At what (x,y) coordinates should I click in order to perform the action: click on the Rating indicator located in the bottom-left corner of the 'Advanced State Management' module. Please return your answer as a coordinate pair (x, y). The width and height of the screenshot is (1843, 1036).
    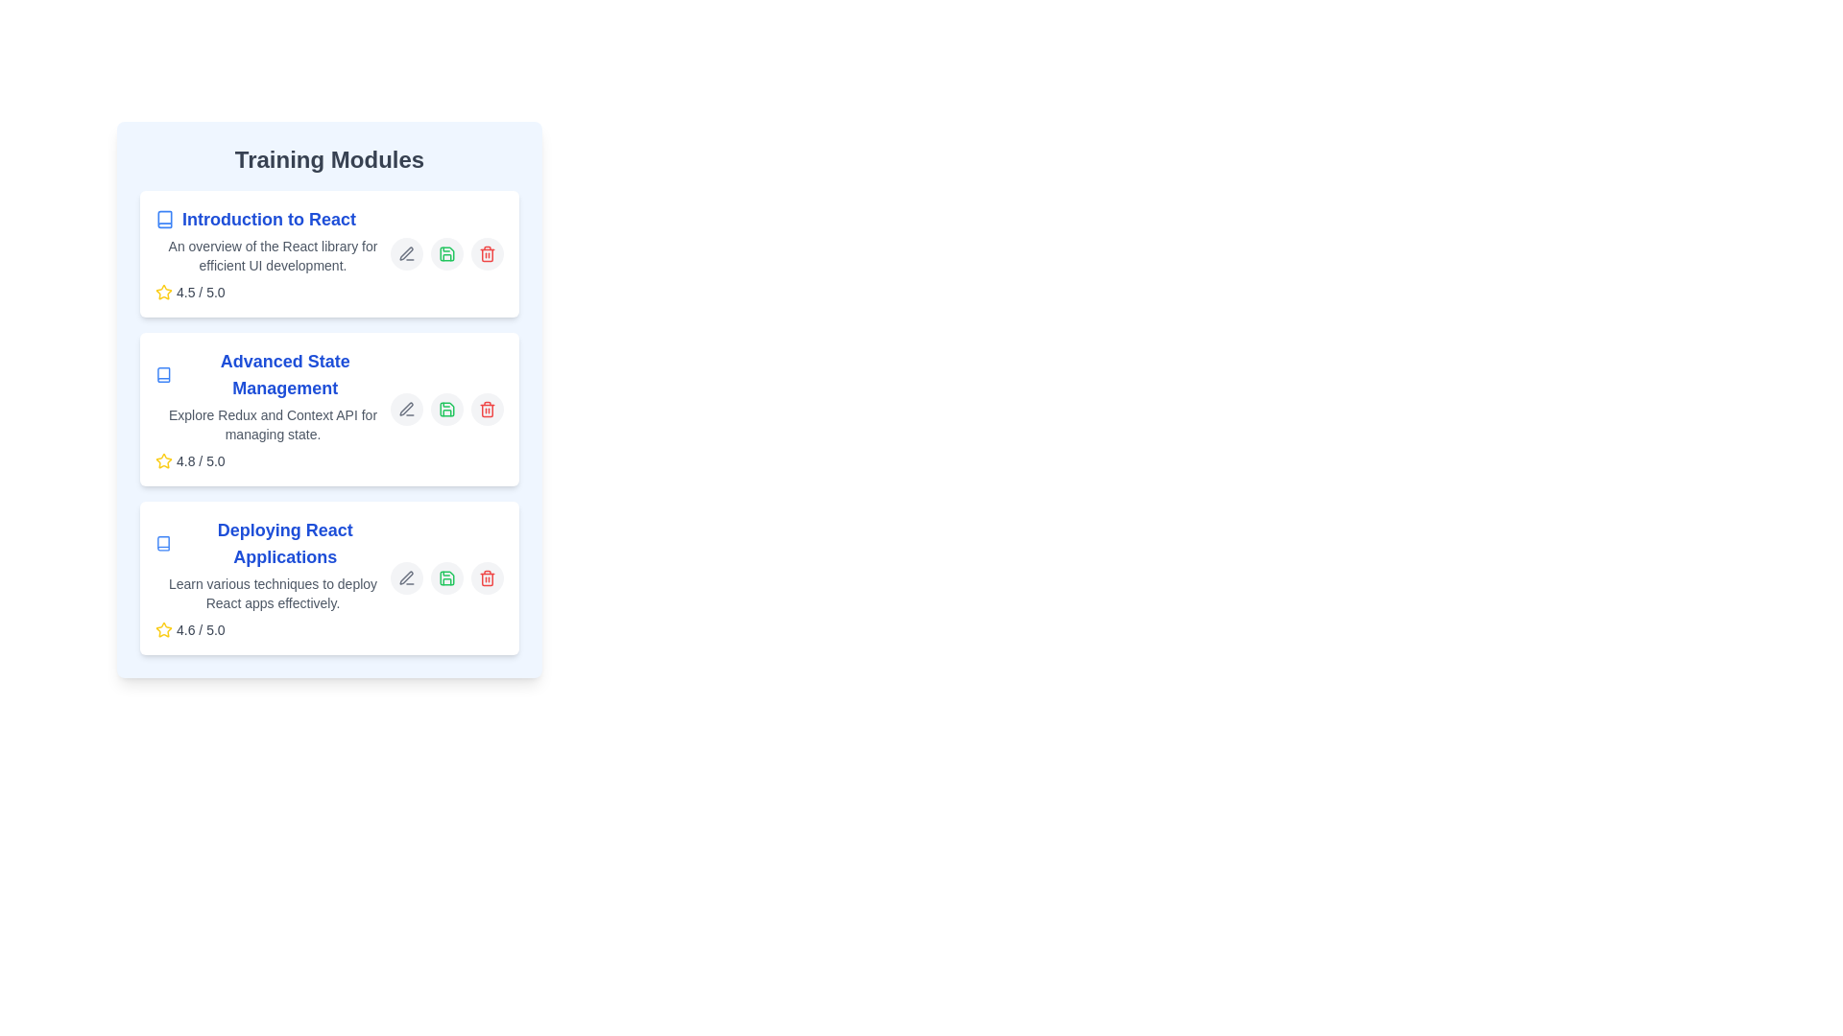
    Looking at the image, I should click on (272, 461).